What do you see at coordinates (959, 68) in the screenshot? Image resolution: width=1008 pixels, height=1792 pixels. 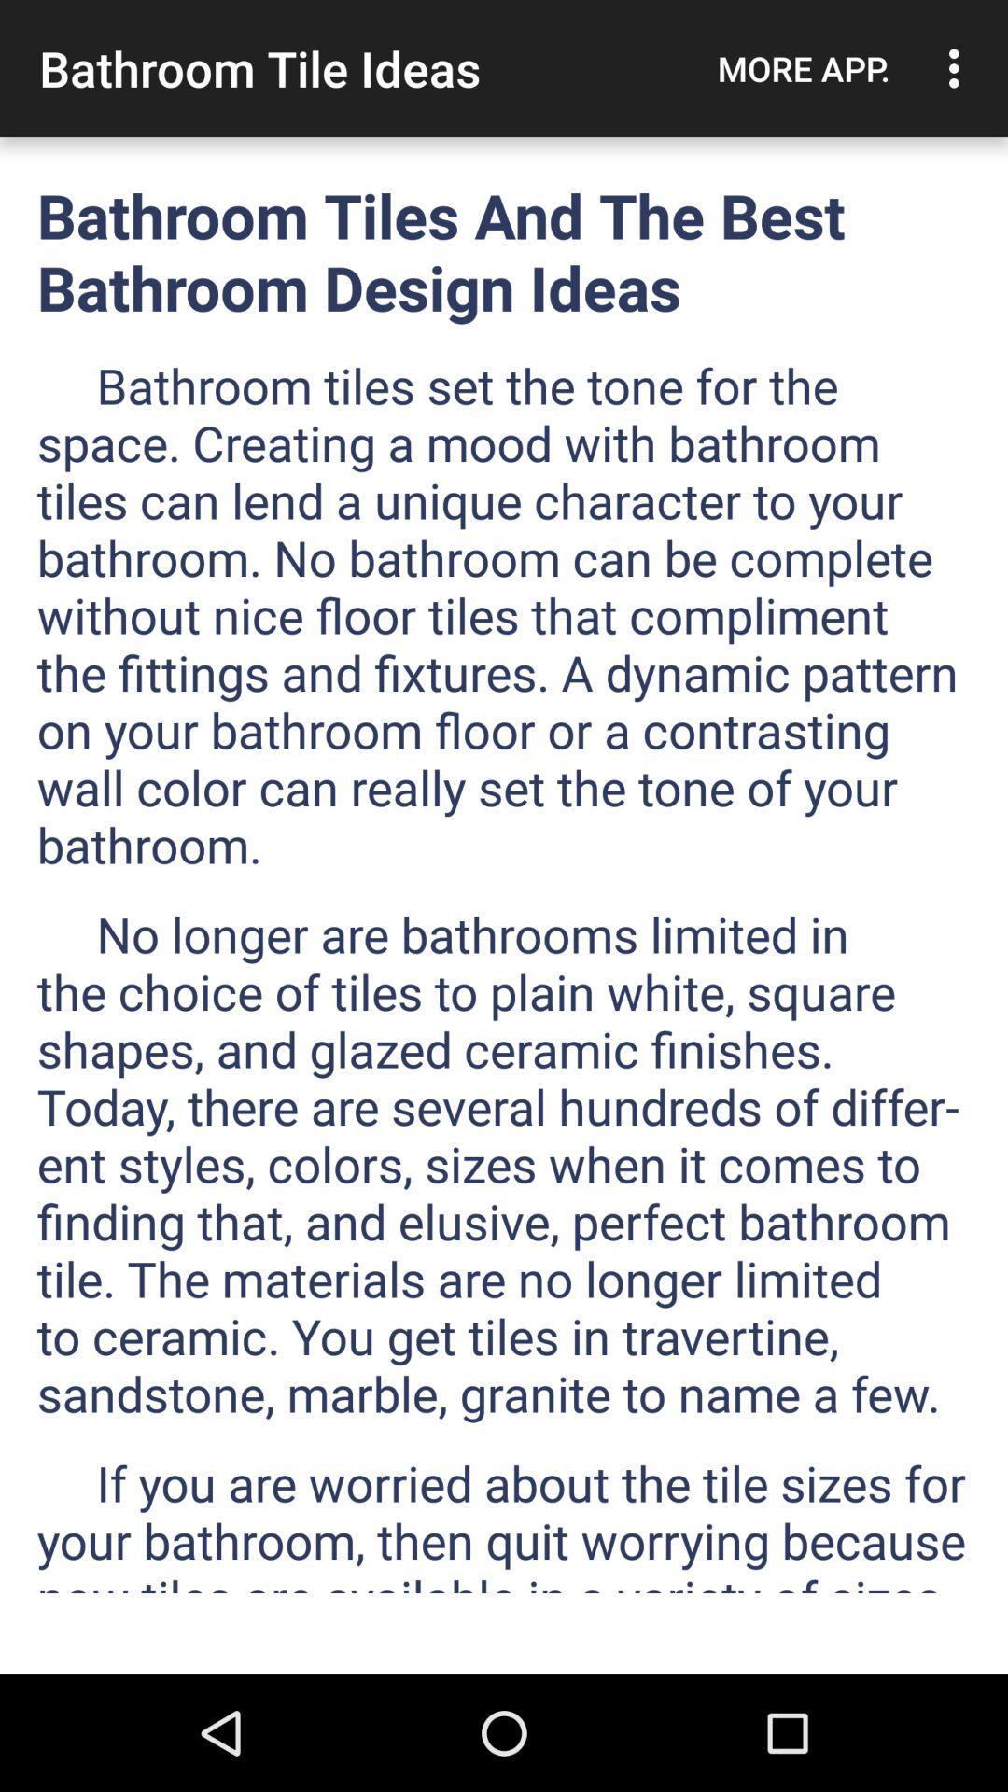 I see `the item above bathroom tiles and` at bounding box center [959, 68].